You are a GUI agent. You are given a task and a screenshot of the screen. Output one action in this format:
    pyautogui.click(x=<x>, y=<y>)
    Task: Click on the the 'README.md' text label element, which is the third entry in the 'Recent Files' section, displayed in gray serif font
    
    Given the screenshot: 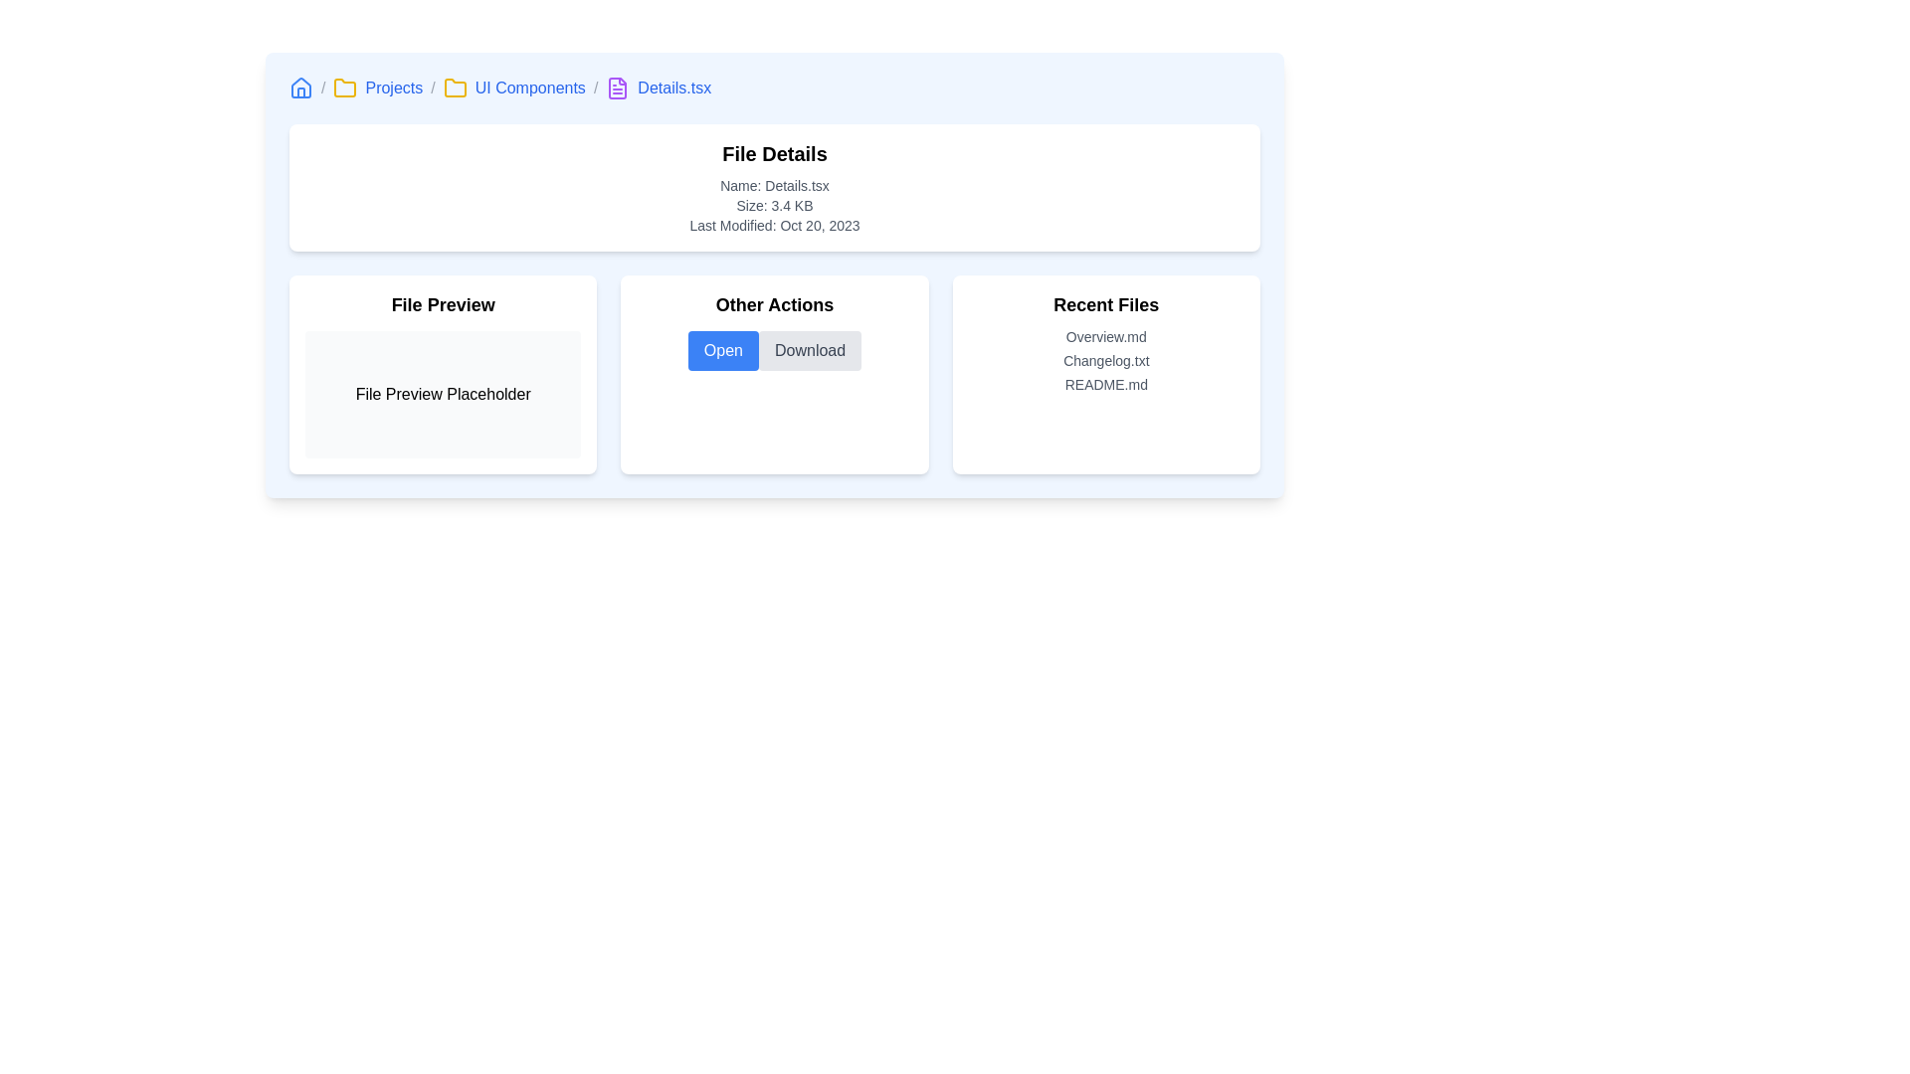 What is the action you would take?
    pyautogui.click(x=1105, y=384)
    